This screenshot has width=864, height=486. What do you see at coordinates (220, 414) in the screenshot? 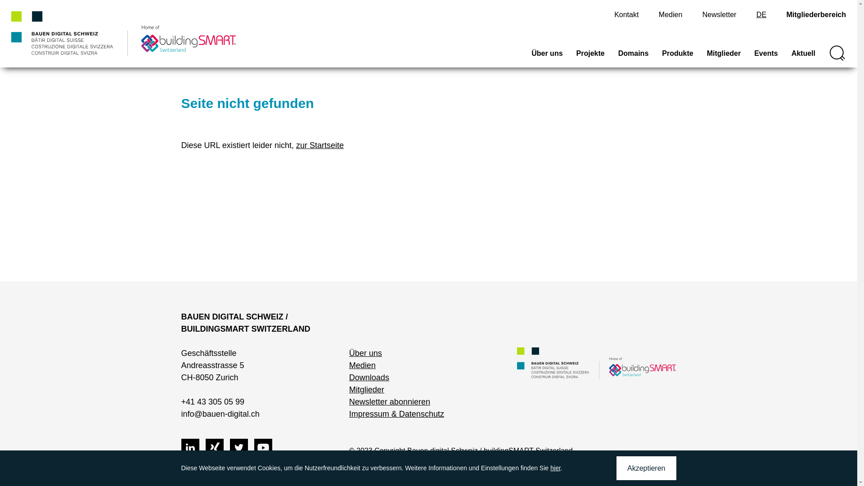
I see `'info@bauen-digital.ch'` at bounding box center [220, 414].